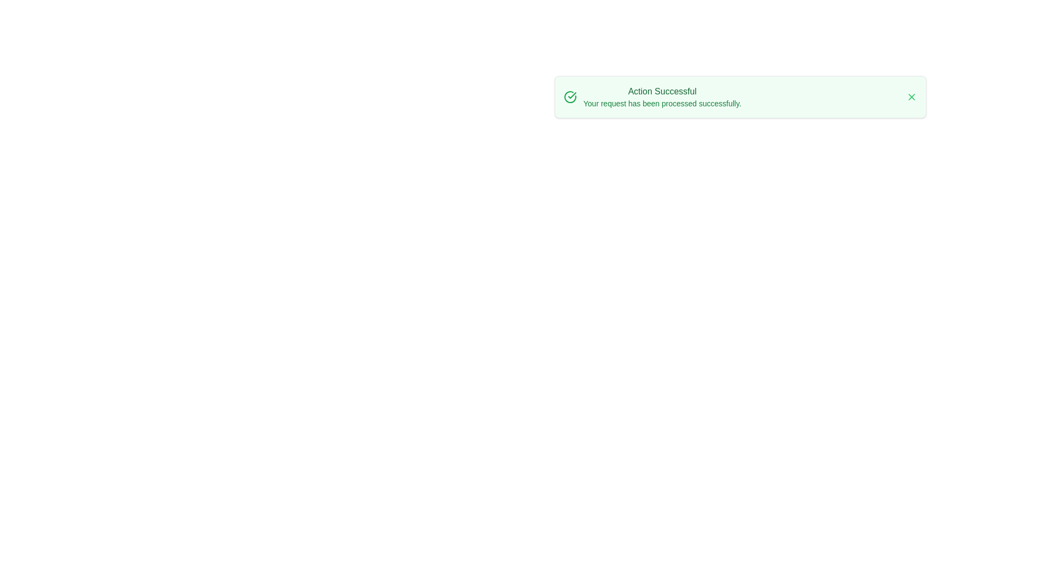 The image size is (1042, 586). What do you see at coordinates (912, 96) in the screenshot?
I see `close button to dismiss the alert` at bounding box center [912, 96].